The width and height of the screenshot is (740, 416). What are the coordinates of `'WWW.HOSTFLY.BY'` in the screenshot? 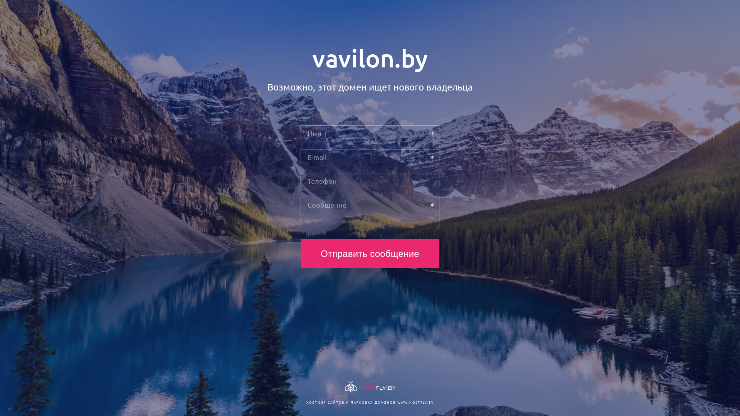 It's located at (415, 402).